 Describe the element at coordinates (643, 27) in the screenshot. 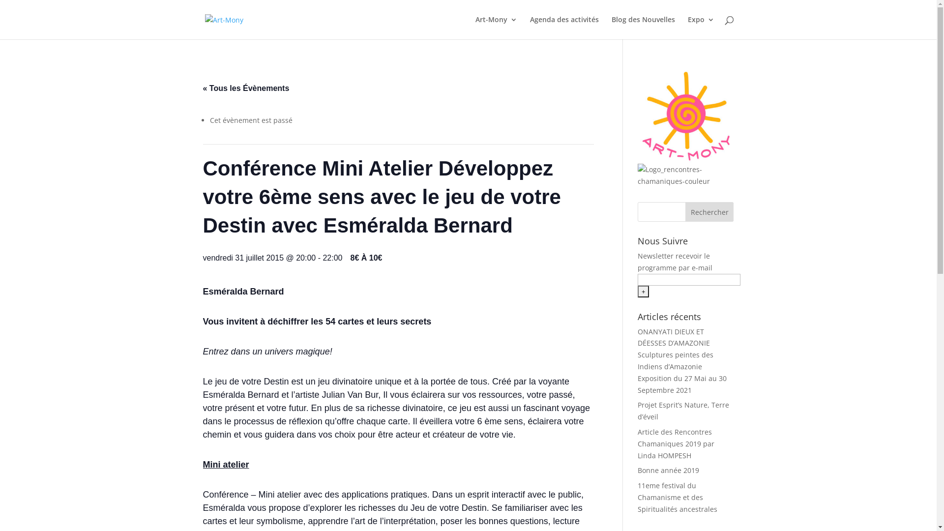

I see `'Blog des Nouvelles'` at that location.